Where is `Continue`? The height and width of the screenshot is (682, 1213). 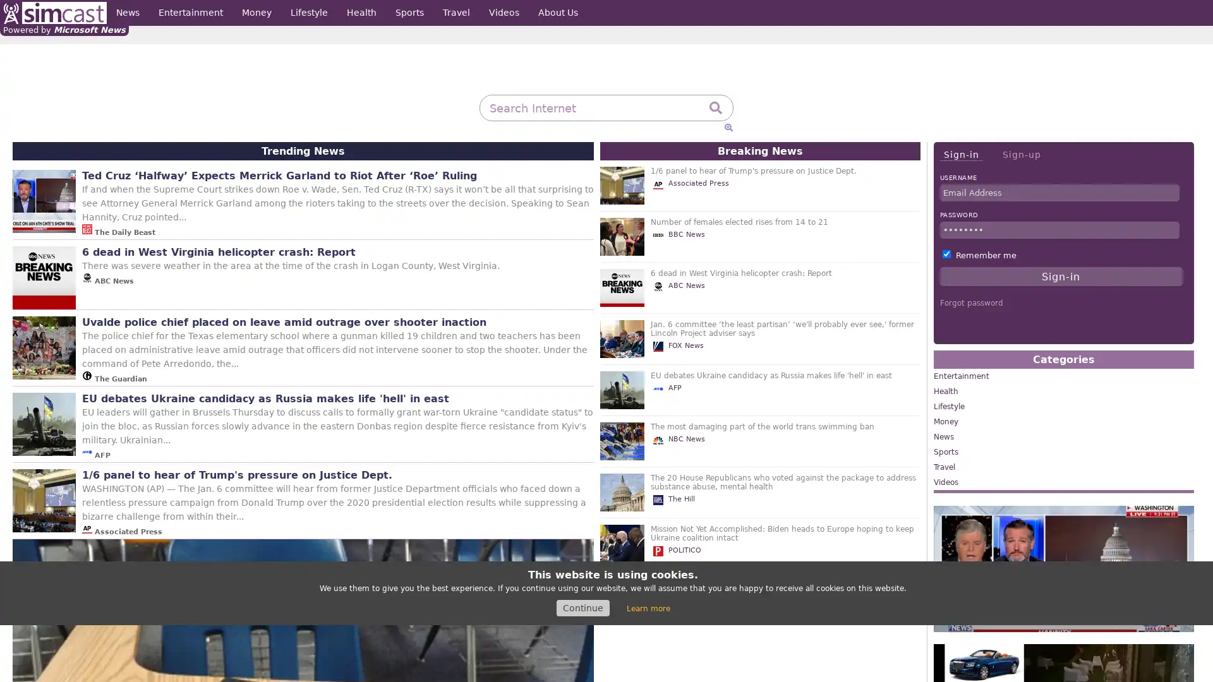 Continue is located at coordinates (582, 607).